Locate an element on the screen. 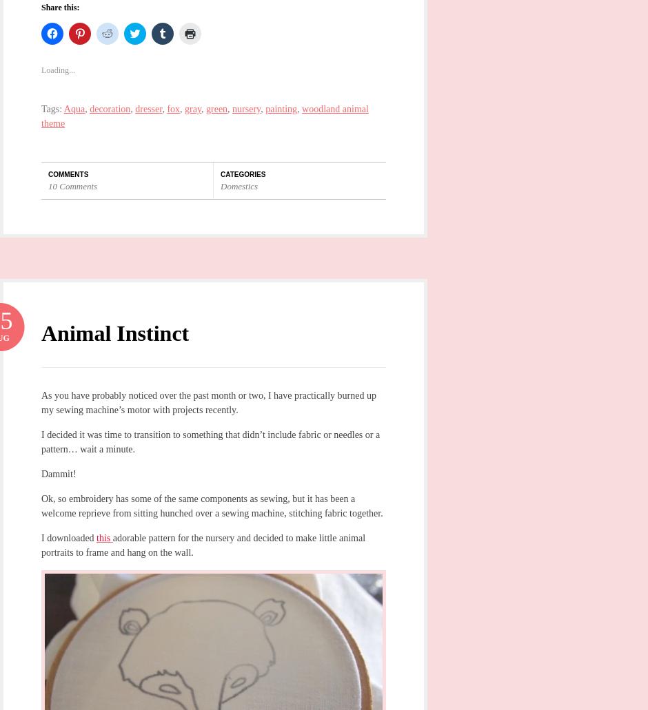 The width and height of the screenshot is (648, 710). 'gray' is located at coordinates (192, 108).